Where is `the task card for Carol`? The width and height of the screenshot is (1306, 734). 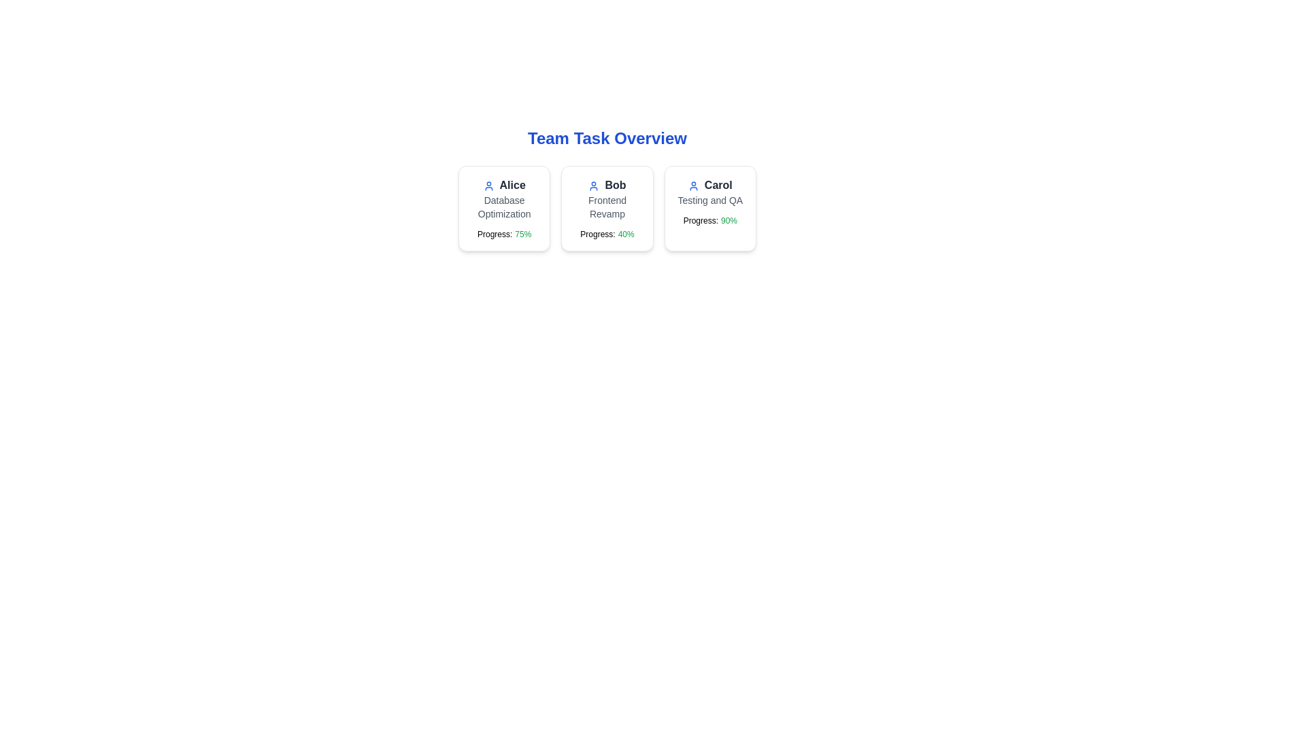 the task card for Carol is located at coordinates (709, 209).